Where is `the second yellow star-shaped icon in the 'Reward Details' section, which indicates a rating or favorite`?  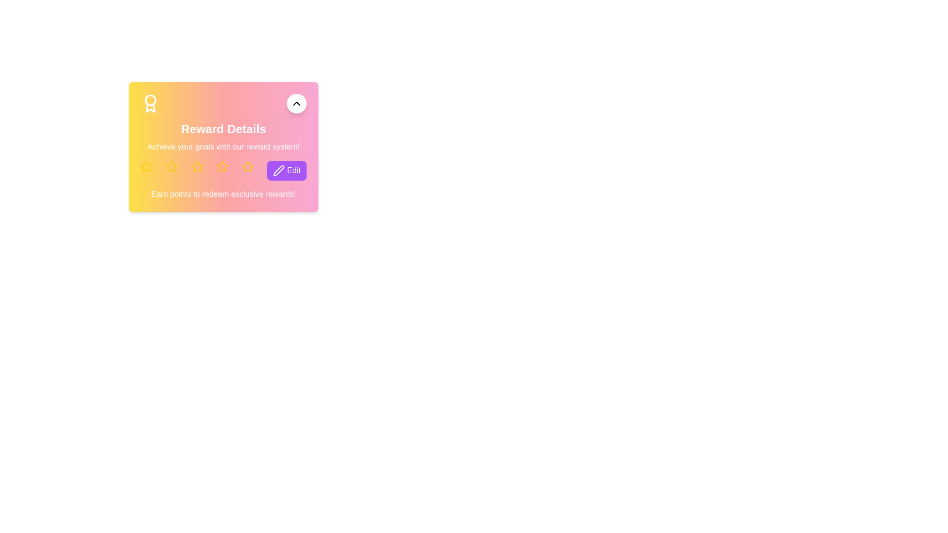
the second yellow star-shaped icon in the 'Reward Details' section, which indicates a rating or favorite is located at coordinates (172, 166).